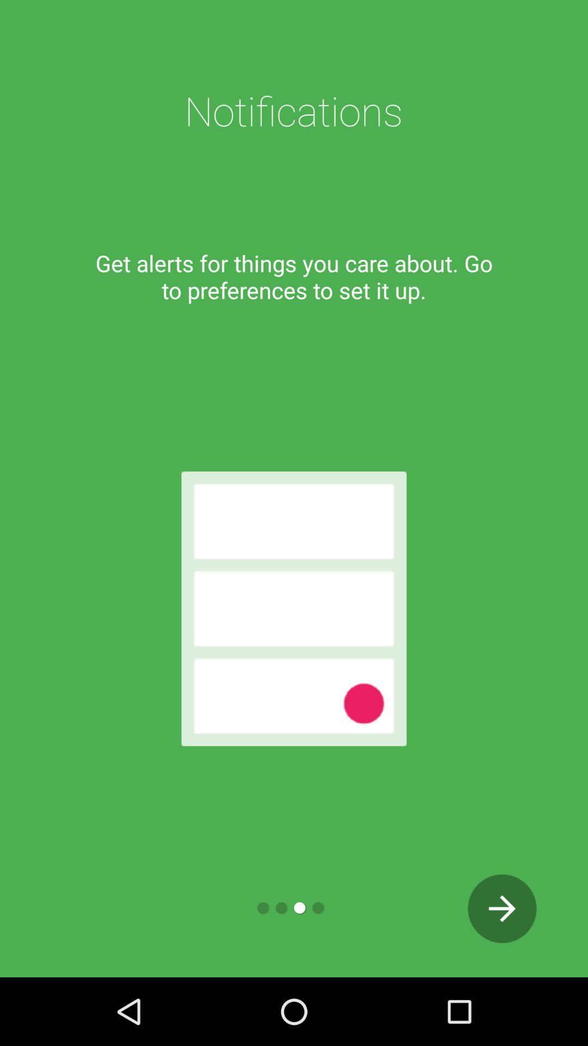 Image resolution: width=588 pixels, height=1046 pixels. I want to click on item at the bottom right corner, so click(502, 909).